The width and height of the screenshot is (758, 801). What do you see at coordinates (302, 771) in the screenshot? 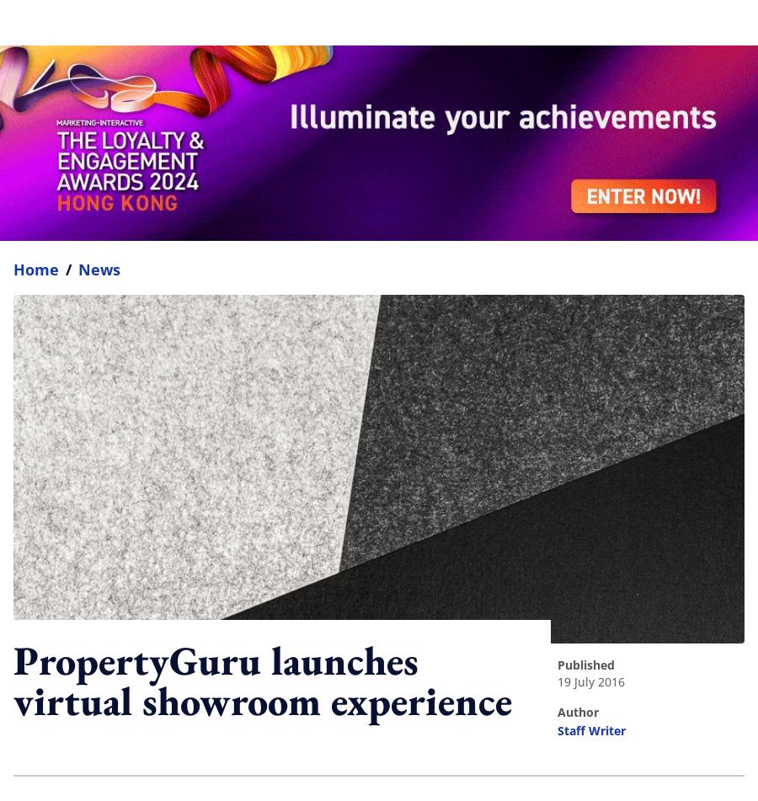
I see `'awards'` at bounding box center [302, 771].